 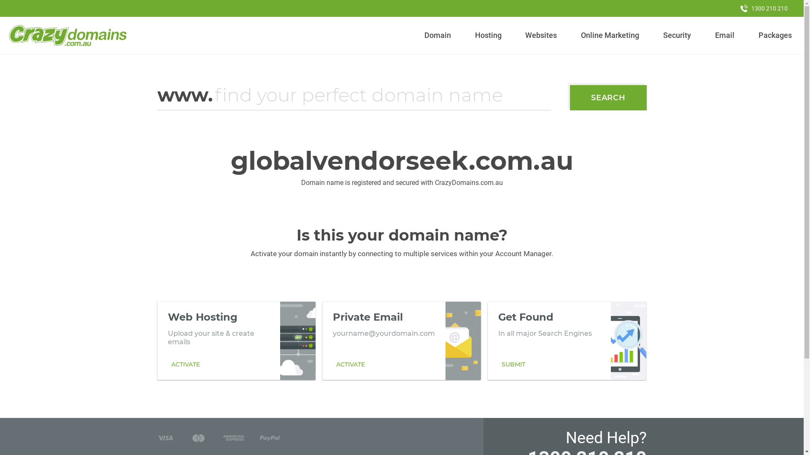 I want to click on '1300 210 210', so click(x=764, y=8).